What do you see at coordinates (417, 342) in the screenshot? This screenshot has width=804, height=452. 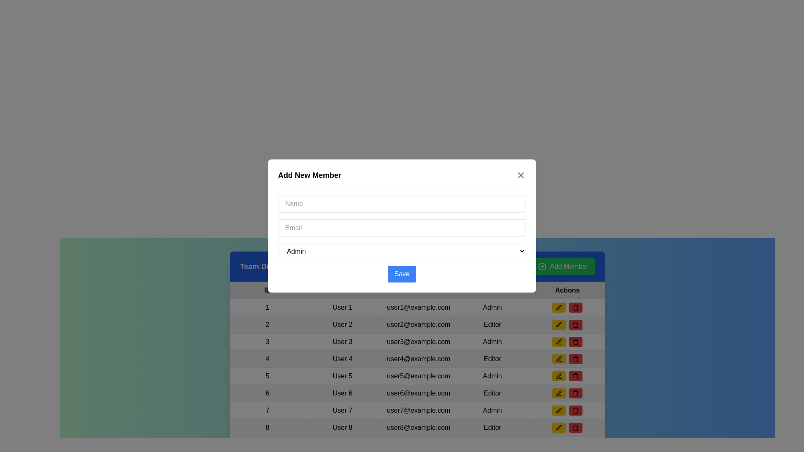 I see `the third row in the user details table` at bounding box center [417, 342].